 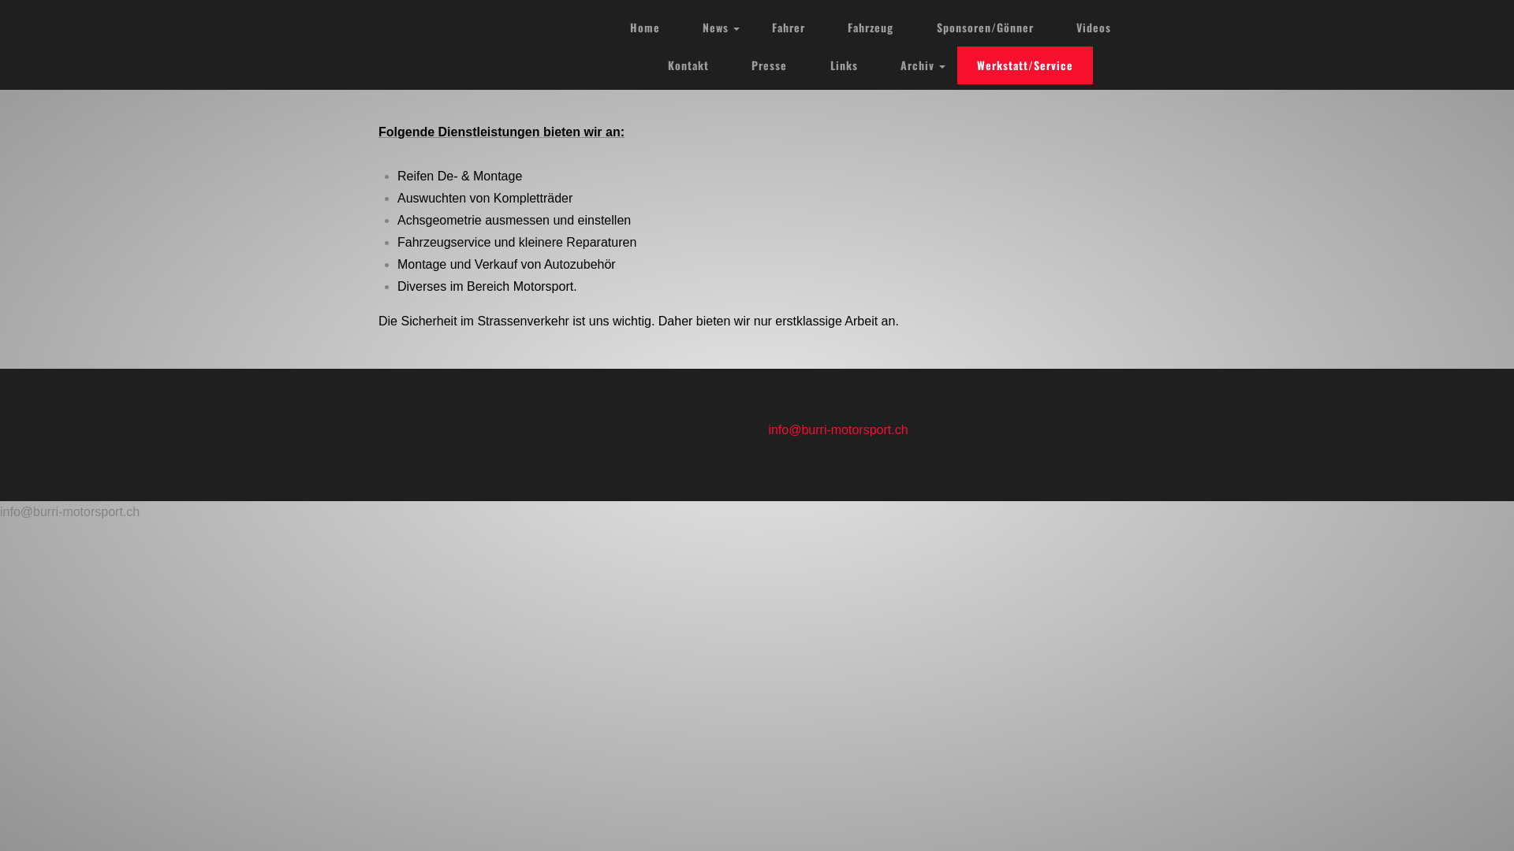 What do you see at coordinates (788, 27) in the screenshot?
I see `'Fahrer'` at bounding box center [788, 27].